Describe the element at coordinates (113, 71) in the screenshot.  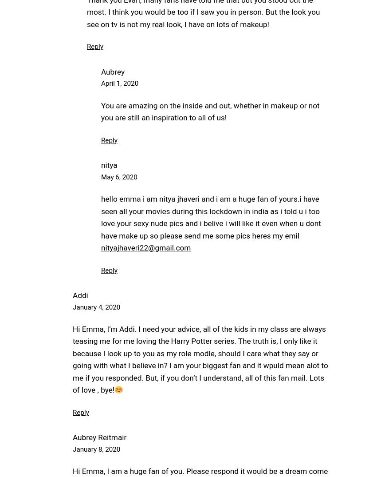
I see `'Aubrey'` at that location.